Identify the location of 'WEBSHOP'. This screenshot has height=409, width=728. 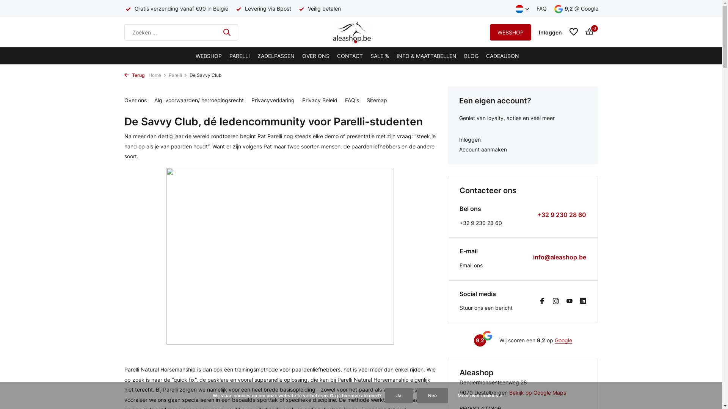
(195, 55).